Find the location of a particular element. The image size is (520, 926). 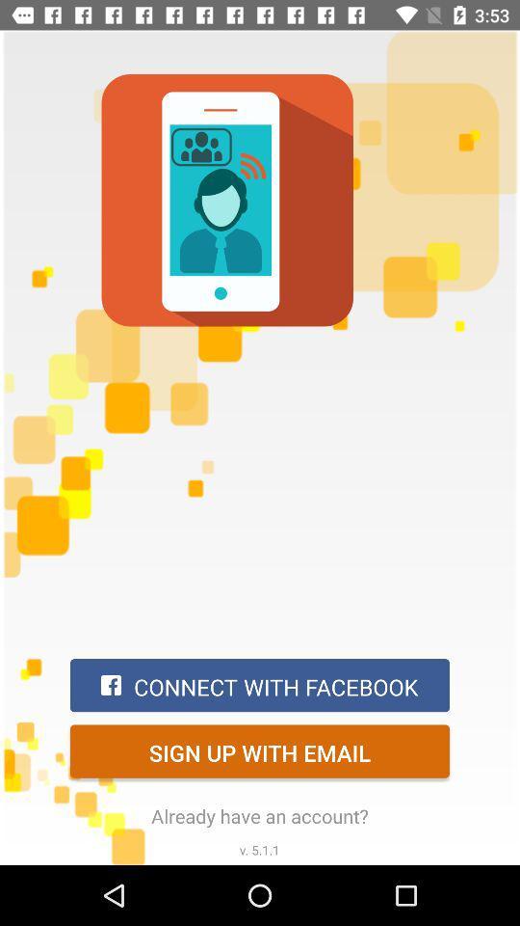

the already have an is located at coordinates (260, 815).